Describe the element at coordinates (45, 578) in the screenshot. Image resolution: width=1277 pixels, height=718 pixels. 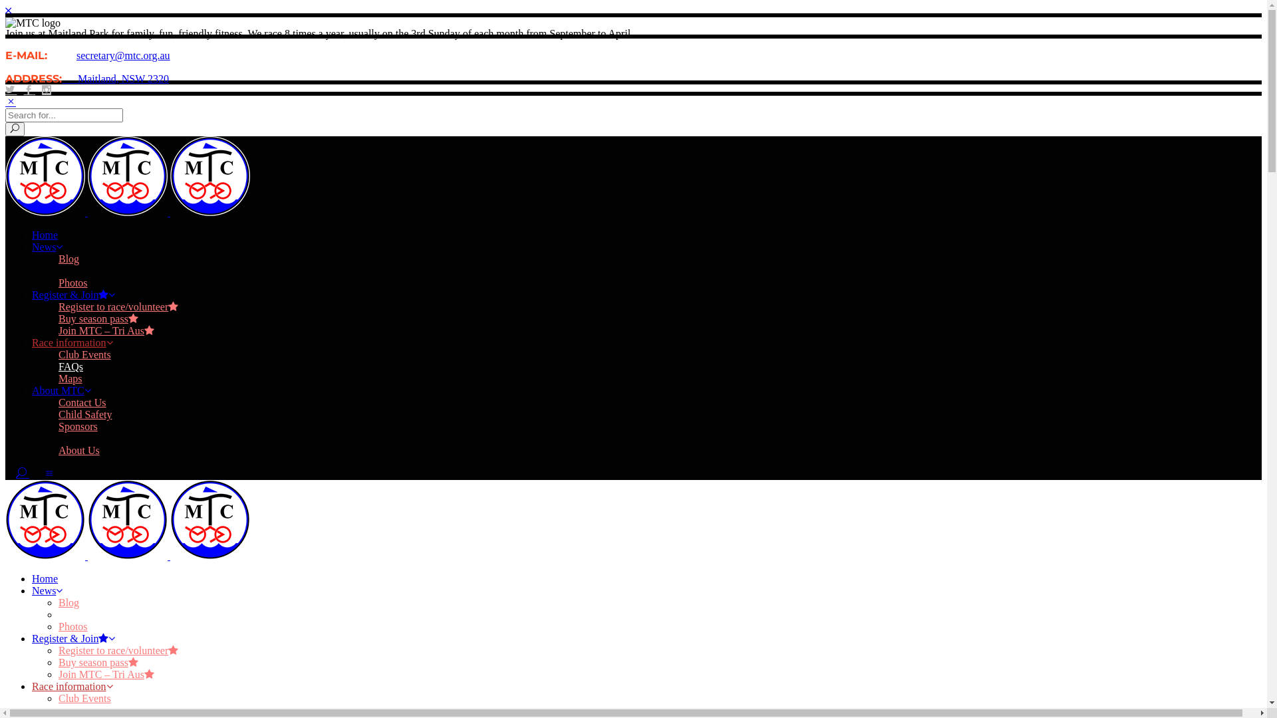
I see `'Home'` at that location.